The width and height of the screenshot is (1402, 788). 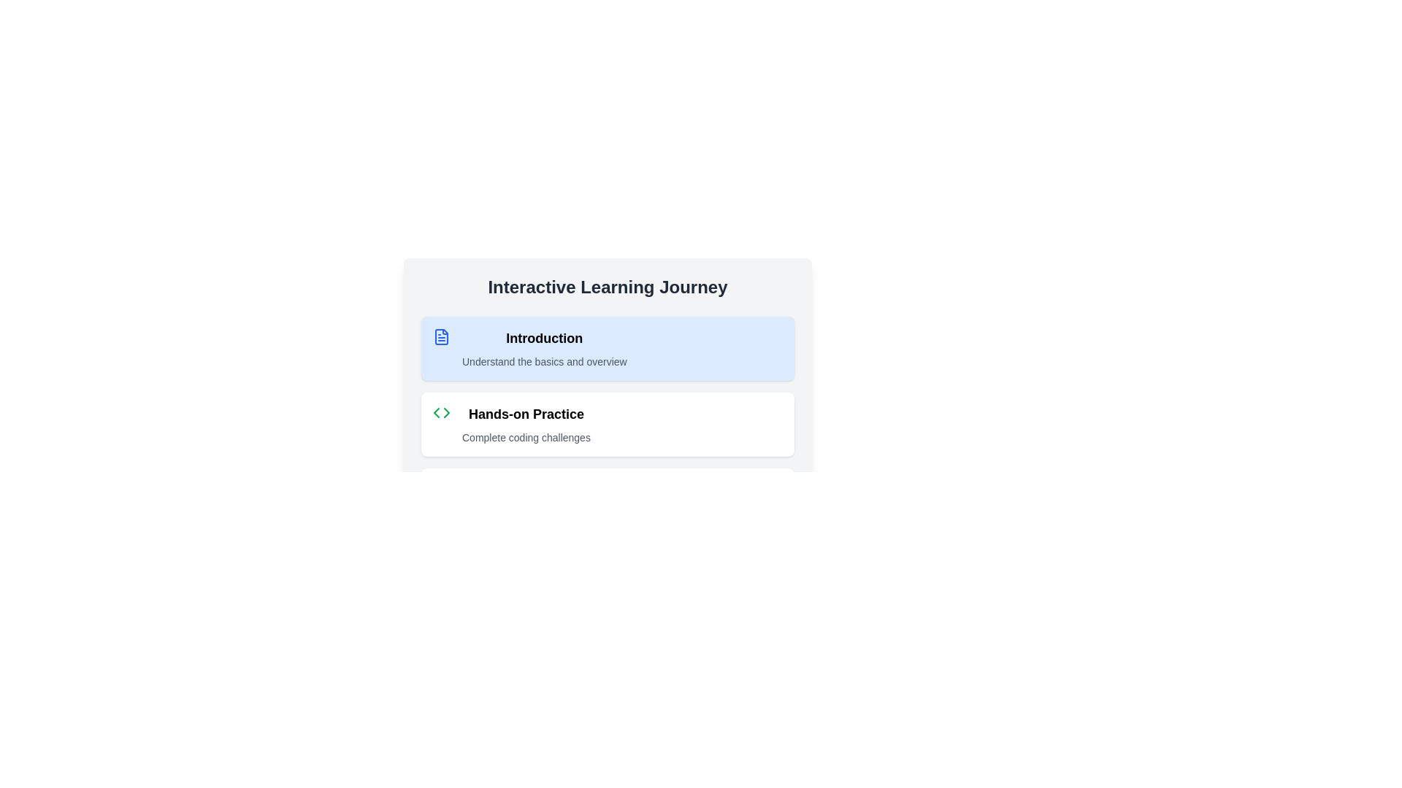 What do you see at coordinates (526, 414) in the screenshot?
I see `text label 'Hands-on Practice' located in the second item of the list under 'Interactive Learning Journey'` at bounding box center [526, 414].